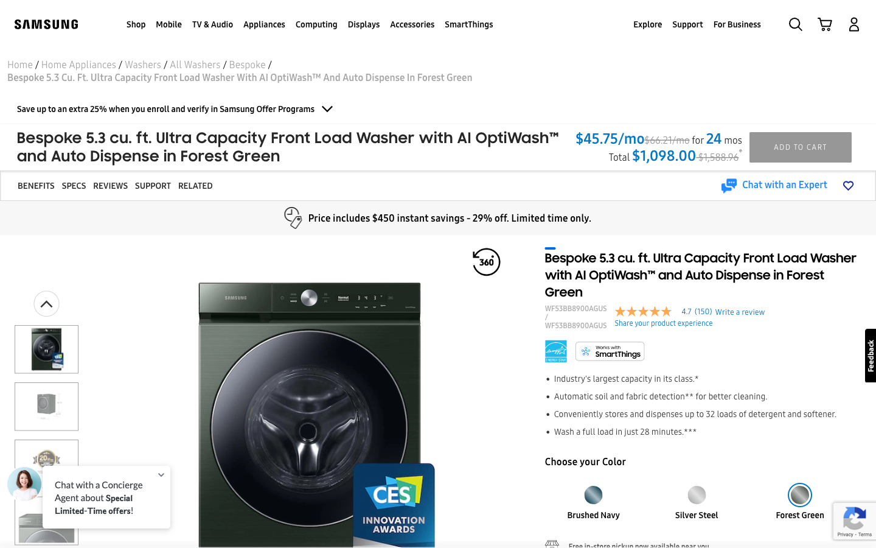  I want to click on the ocean blue color and open the fifth image, so click(696, 491).